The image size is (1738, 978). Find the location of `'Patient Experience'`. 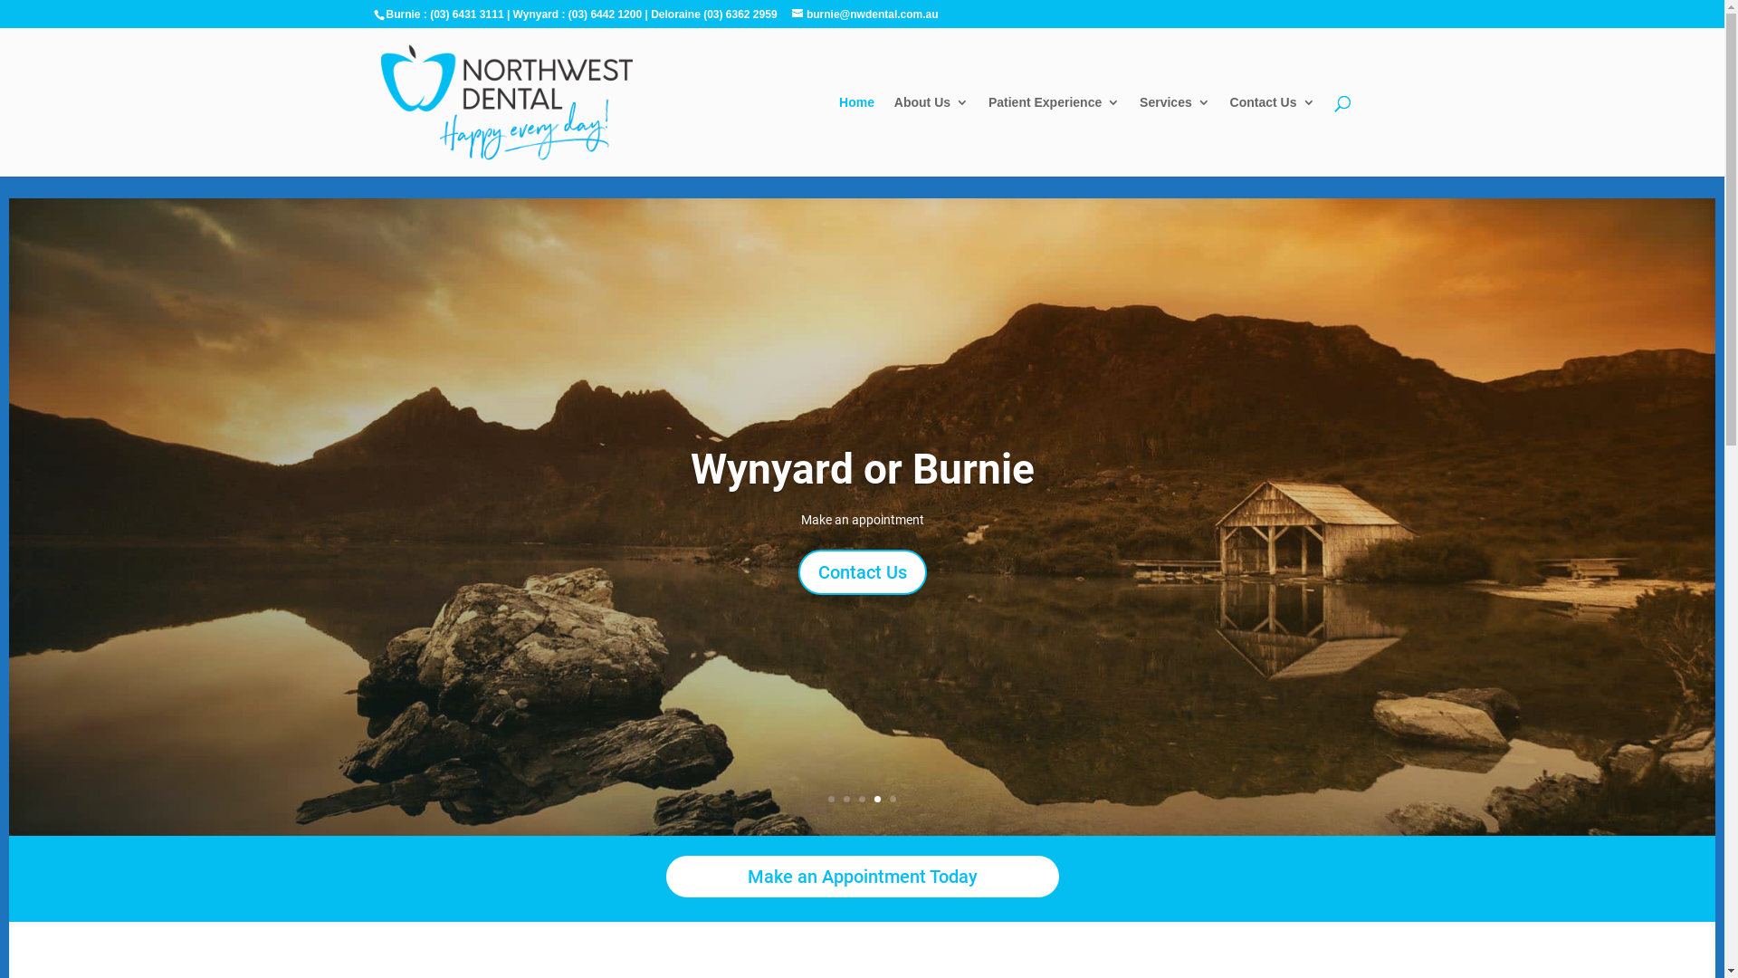

'Patient Experience' is located at coordinates (987, 135).